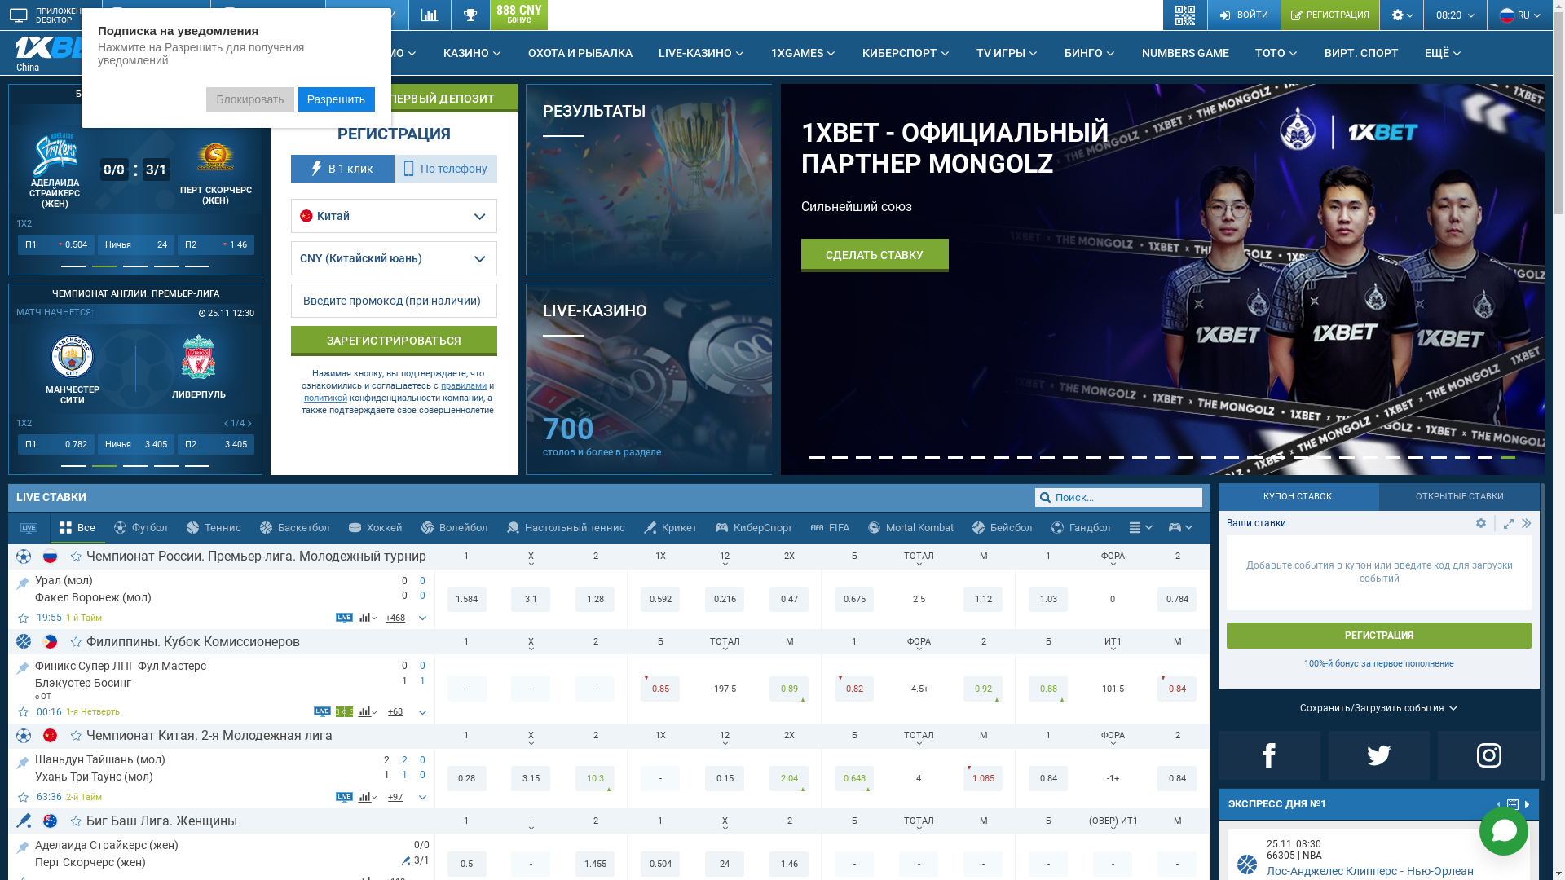 The image size is (1565, 880). What do you see at coordinates (395, 796) in the screenshot?
I see `'+97'` at bounding box center [395, 796].